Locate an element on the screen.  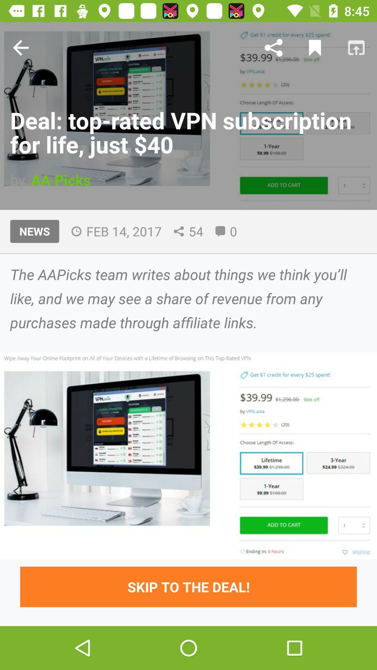
the aapicks team icon is located at coordinates (188, 298).